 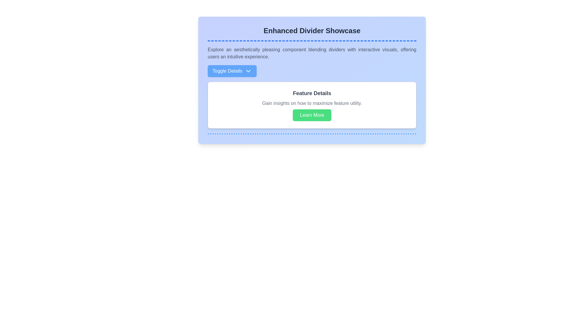 What do you see at coordinates (232, 71) in the screenshot?
I see `the button that toggles the visibility of detailed information in the panel` at bounding box center [232, 71].